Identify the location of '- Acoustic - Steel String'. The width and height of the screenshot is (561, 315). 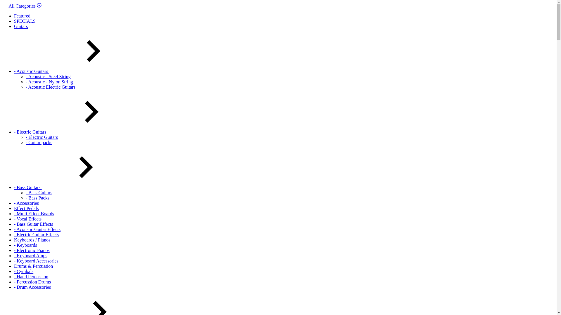
(25, 76).